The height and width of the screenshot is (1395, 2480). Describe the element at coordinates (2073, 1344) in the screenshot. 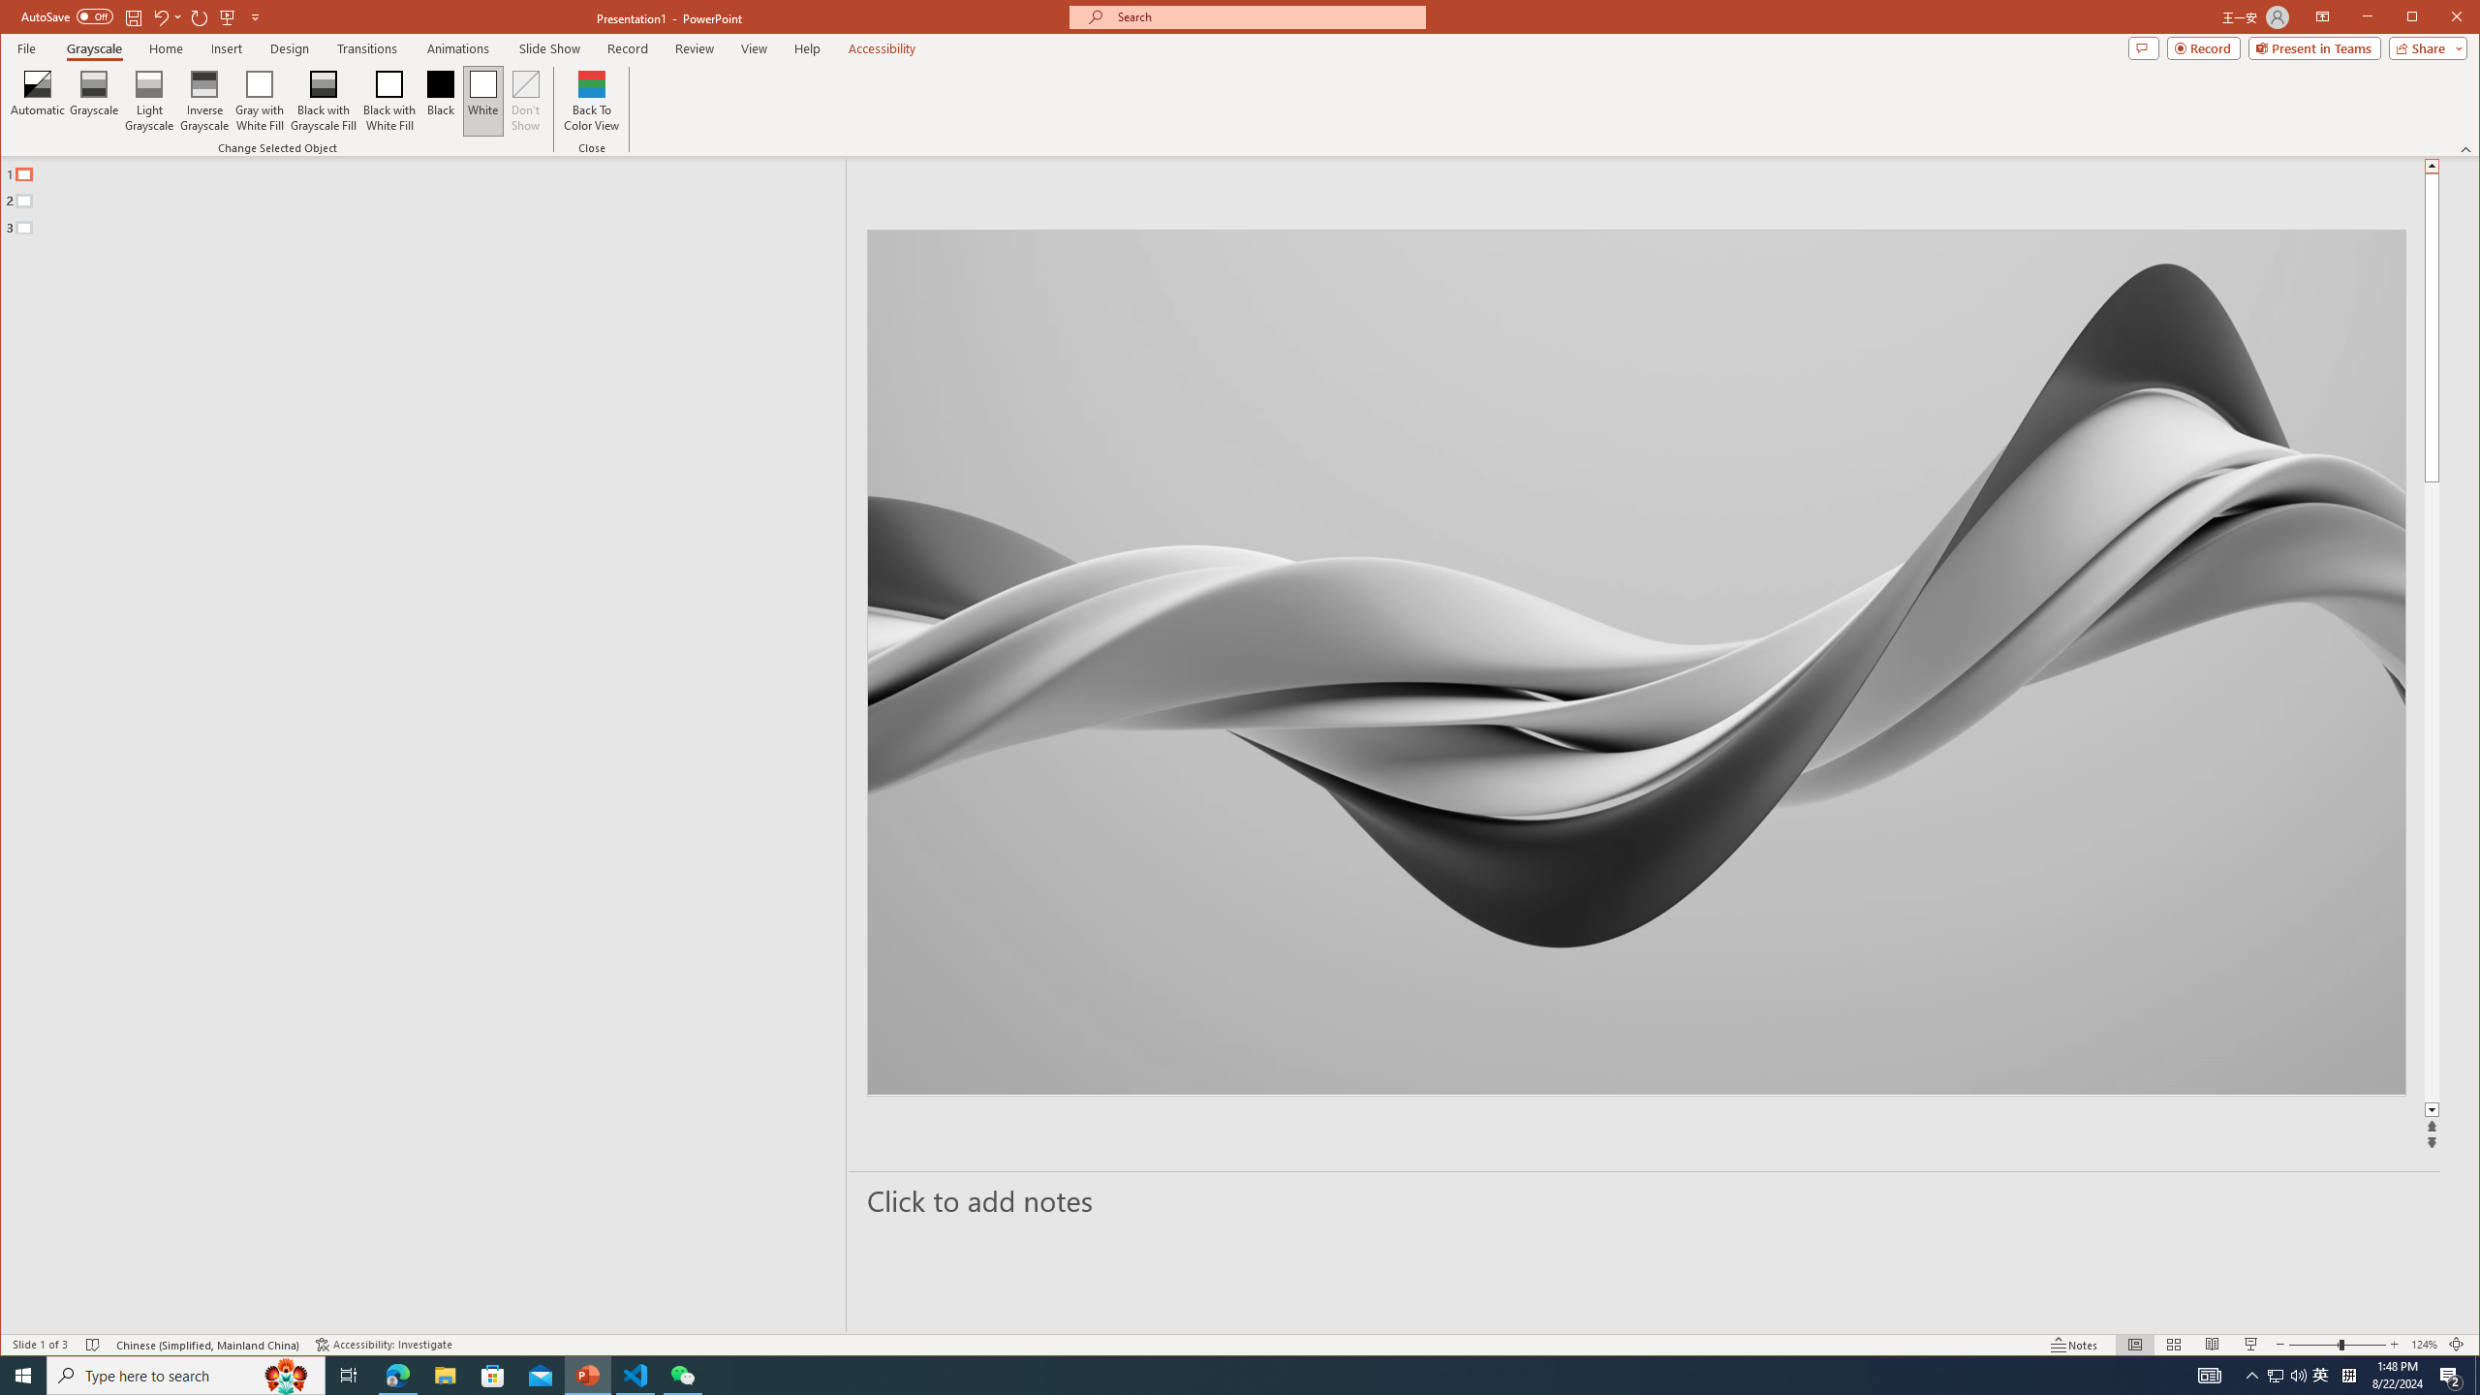

I see `'Notes '` at that location.